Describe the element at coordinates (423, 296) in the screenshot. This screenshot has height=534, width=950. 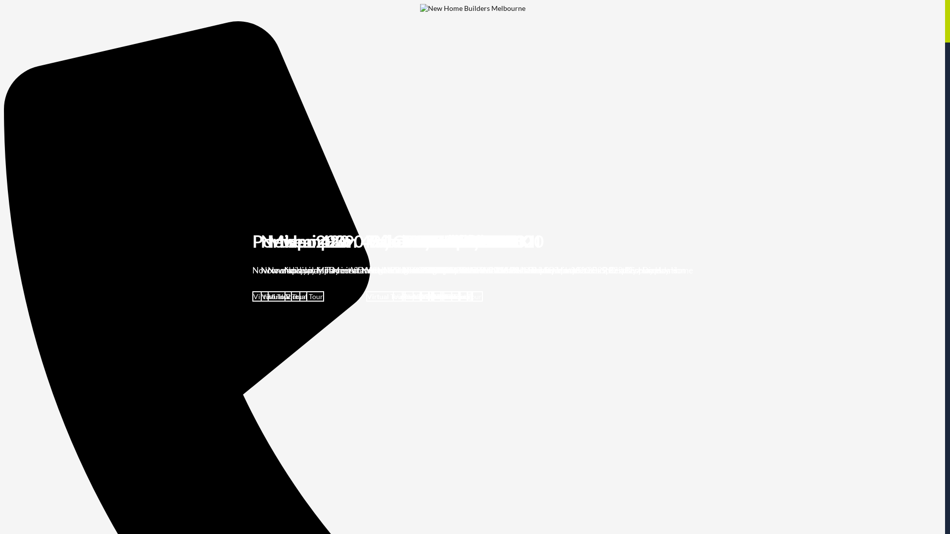
I see `'Virtual Tour'` at that location.